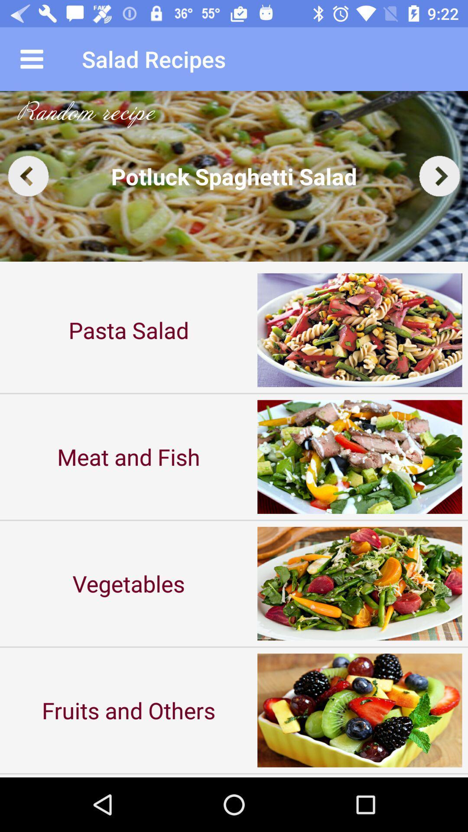  Describe the element at coordinates (129, 710) in the screenshot. I see `icon below vegetables item` at that location.